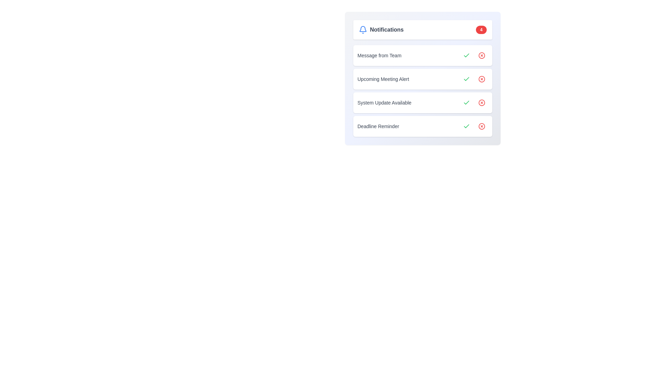 This screenshot has height=375, width=667. Describe the element at coordinates (467, 78) in the screenshot. I see `the green checkmark icon button located on the right-hand side of the 'Upcoming Meeting Alert' row` at that location.